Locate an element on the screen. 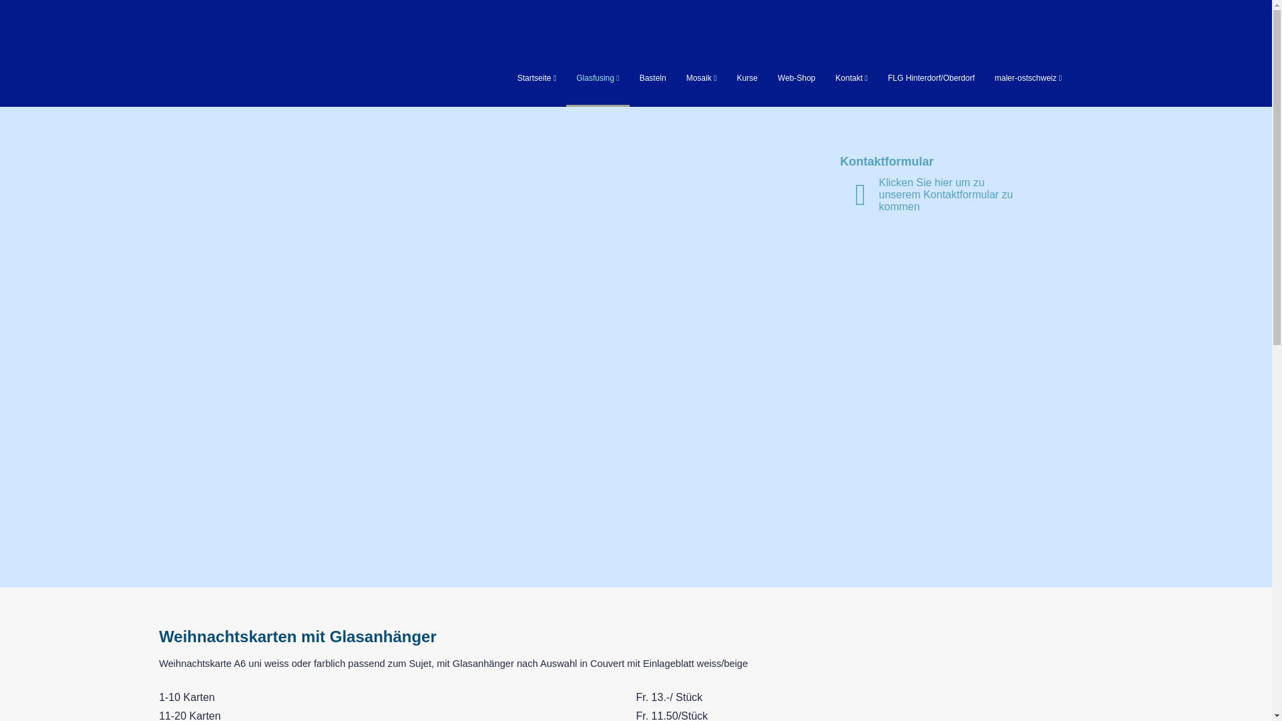 The height and width of the screenshot is (721, 1282). 'Startseite' is located at coordinates (536, 77).